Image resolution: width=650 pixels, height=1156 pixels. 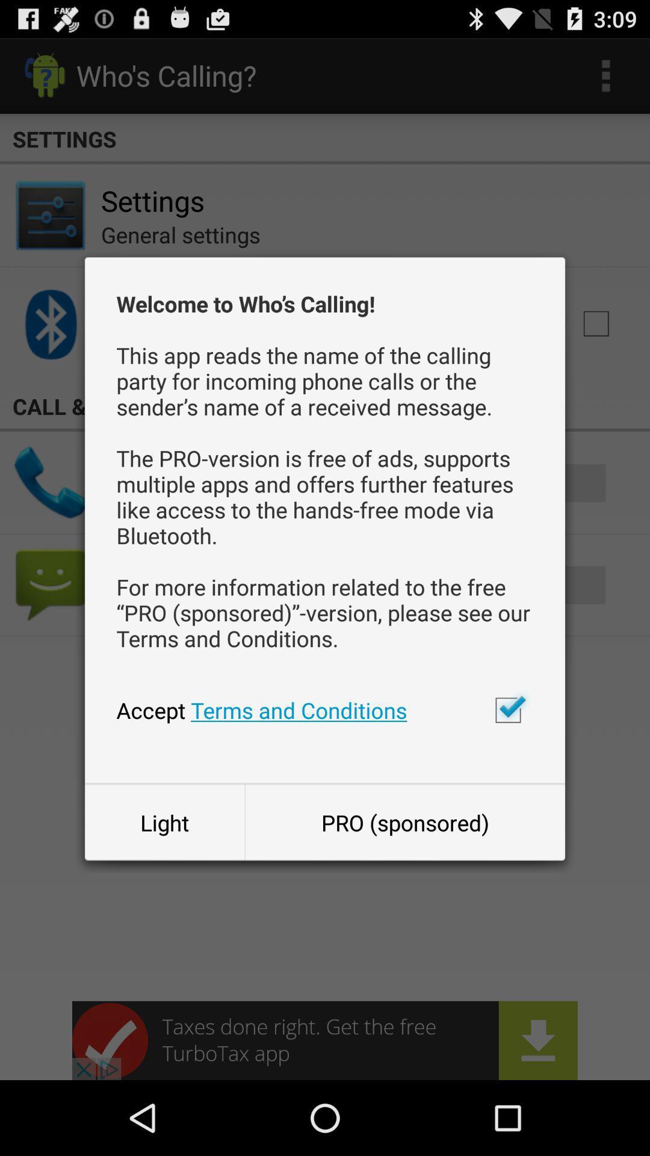 I want to click on accept agreement, so click(x=508, y=710).